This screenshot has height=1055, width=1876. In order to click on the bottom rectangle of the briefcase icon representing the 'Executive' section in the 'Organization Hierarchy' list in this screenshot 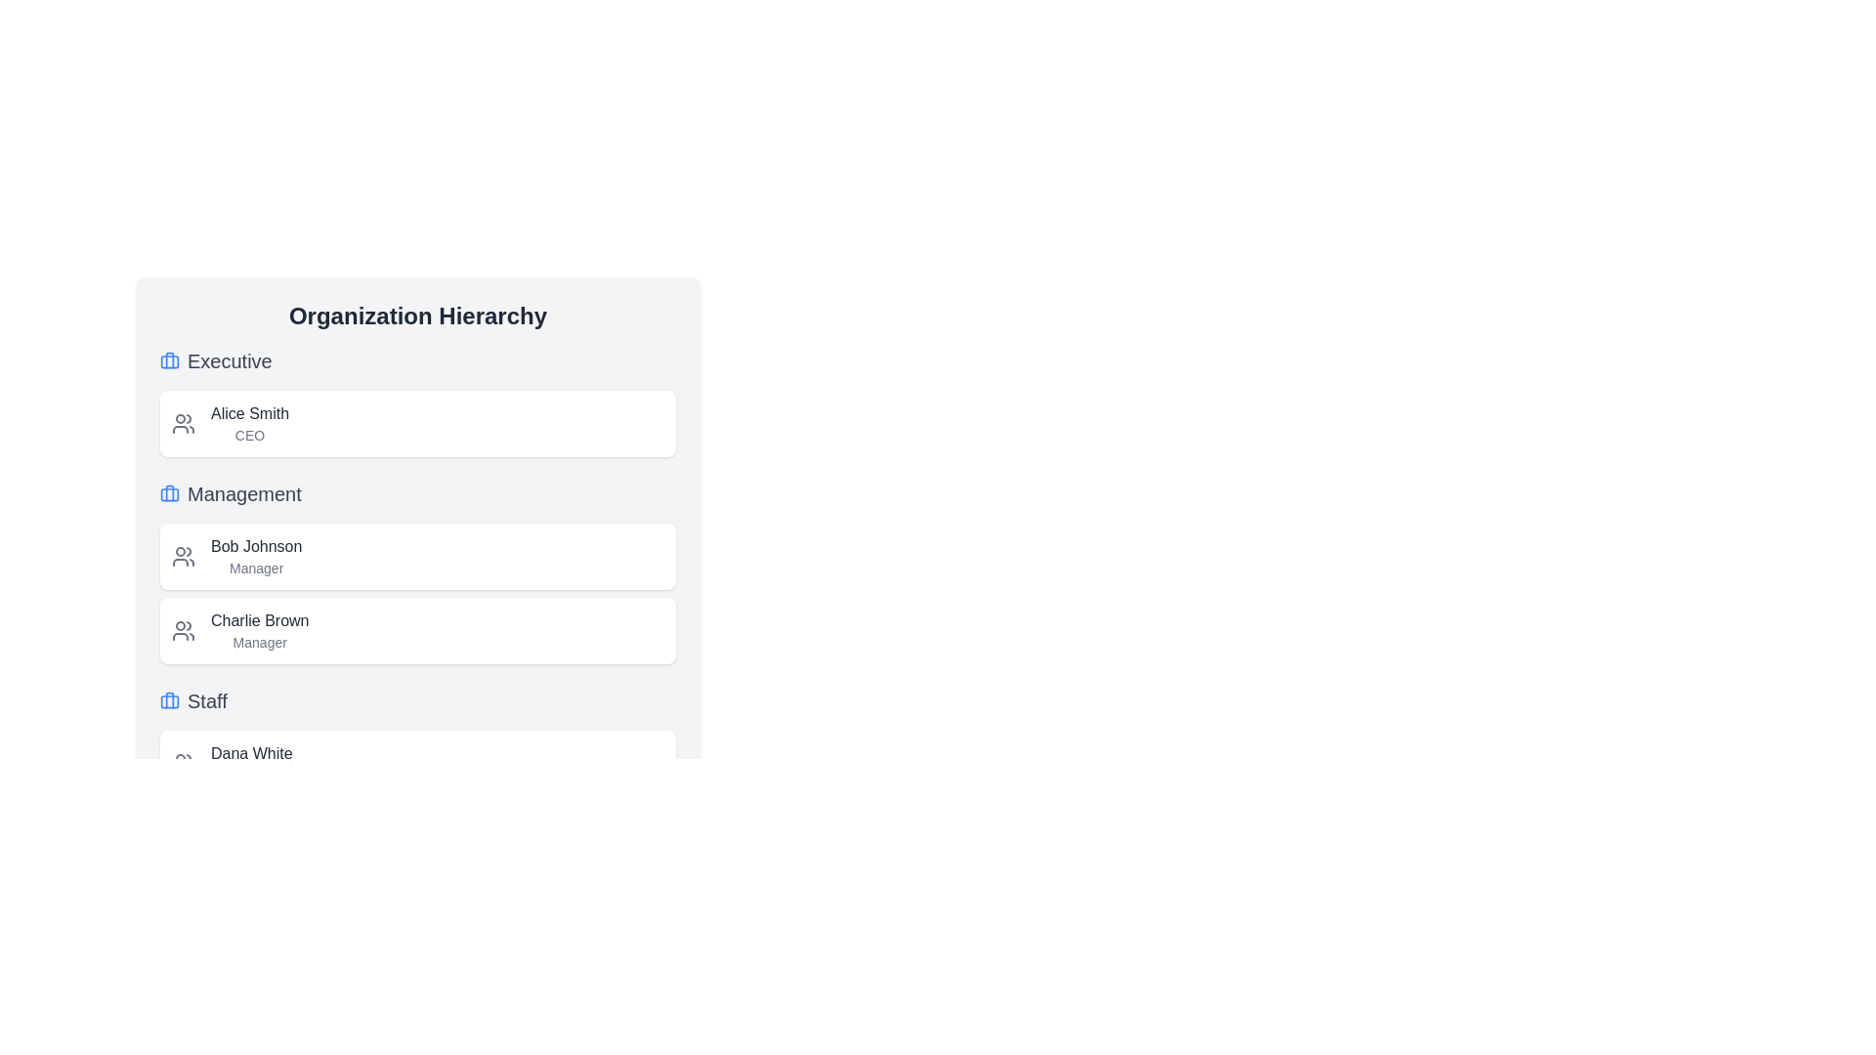, I will do `click(169, 492)`.